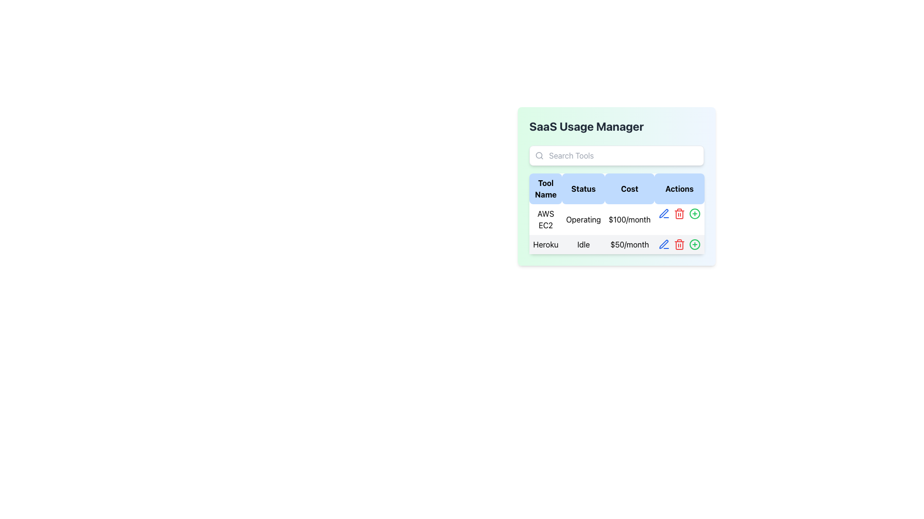 The width and height of the screenshot is (924, 519). What do you see at coordinates (695, 244) in the screenshot?
I see `the SVG Circle element with a green outline surrounding the plus symbol icon, located at the top-right corner of the 'Actions' column in the 'AWS EC2' table row` at bounding box center [695, 244].